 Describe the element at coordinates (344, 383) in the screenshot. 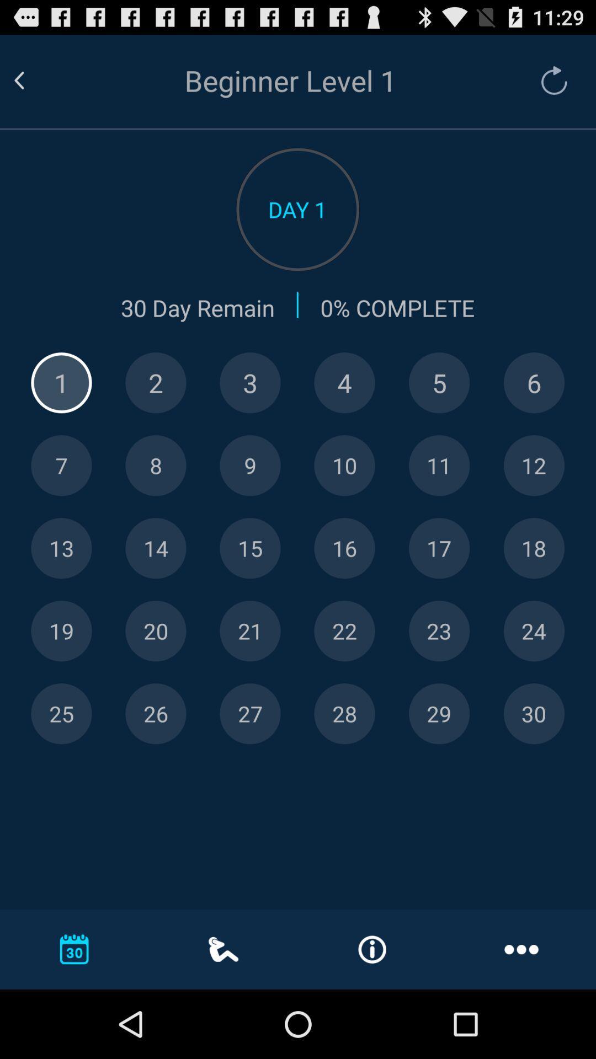

I see `day 4` at that location.